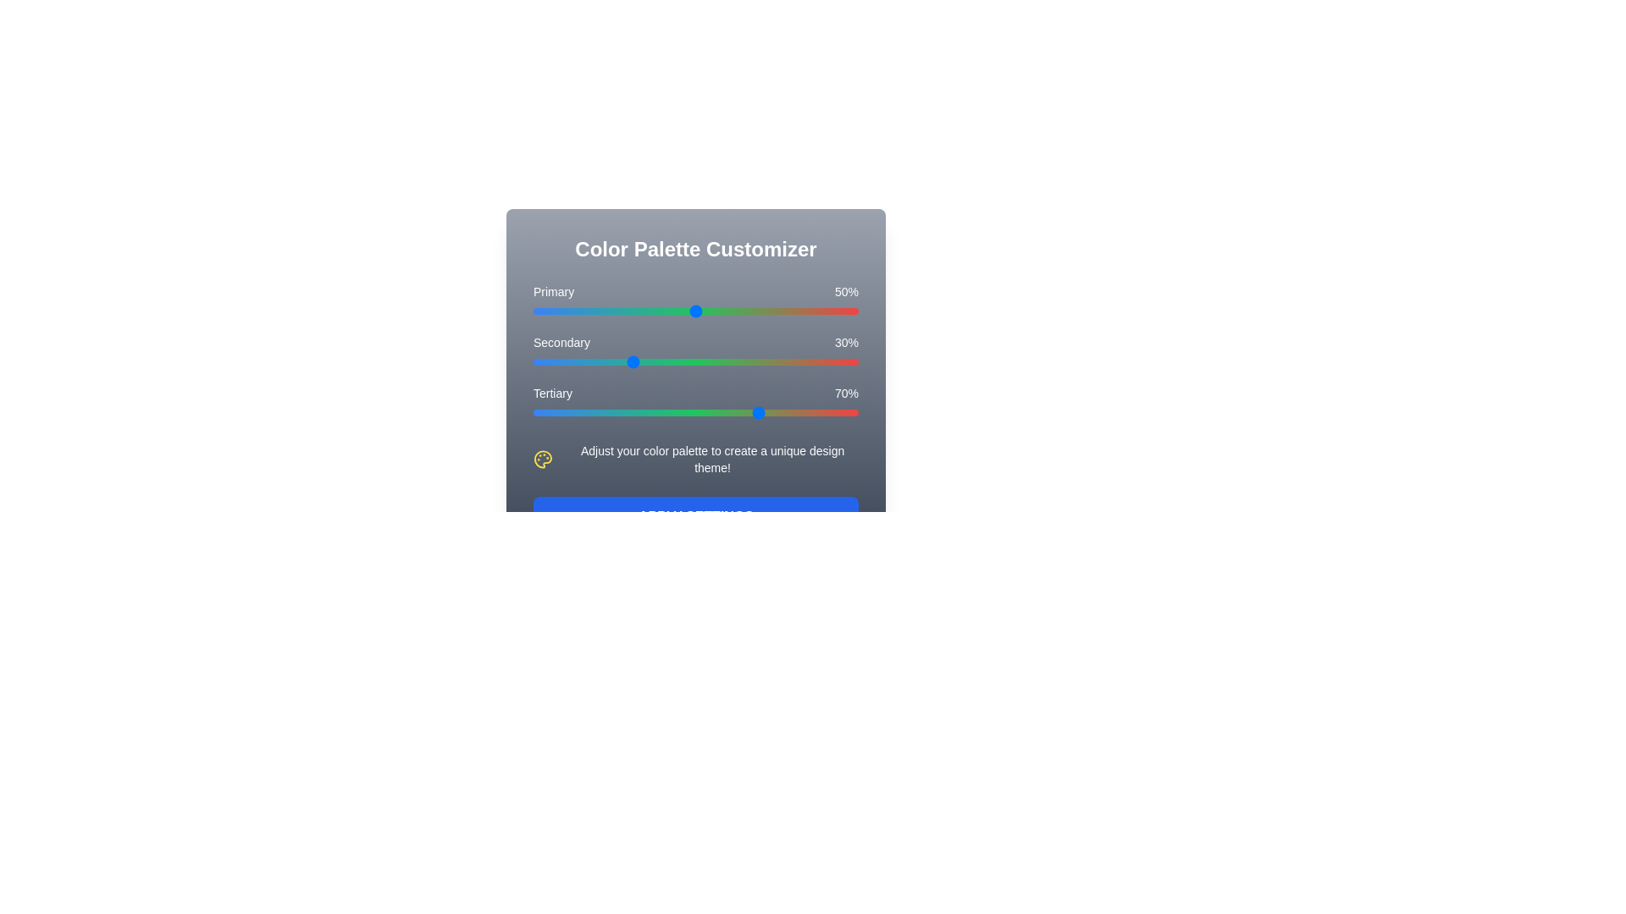 This screenshot has width=1626, height=914. I want to click on the slider value, so click(617, 361).